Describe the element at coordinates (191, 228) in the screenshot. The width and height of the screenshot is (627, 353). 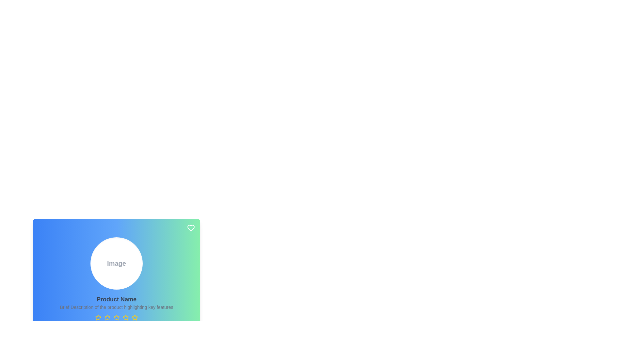
I see `the 'like' button (heart icon) in the top-right corner of the action panel` at that location.